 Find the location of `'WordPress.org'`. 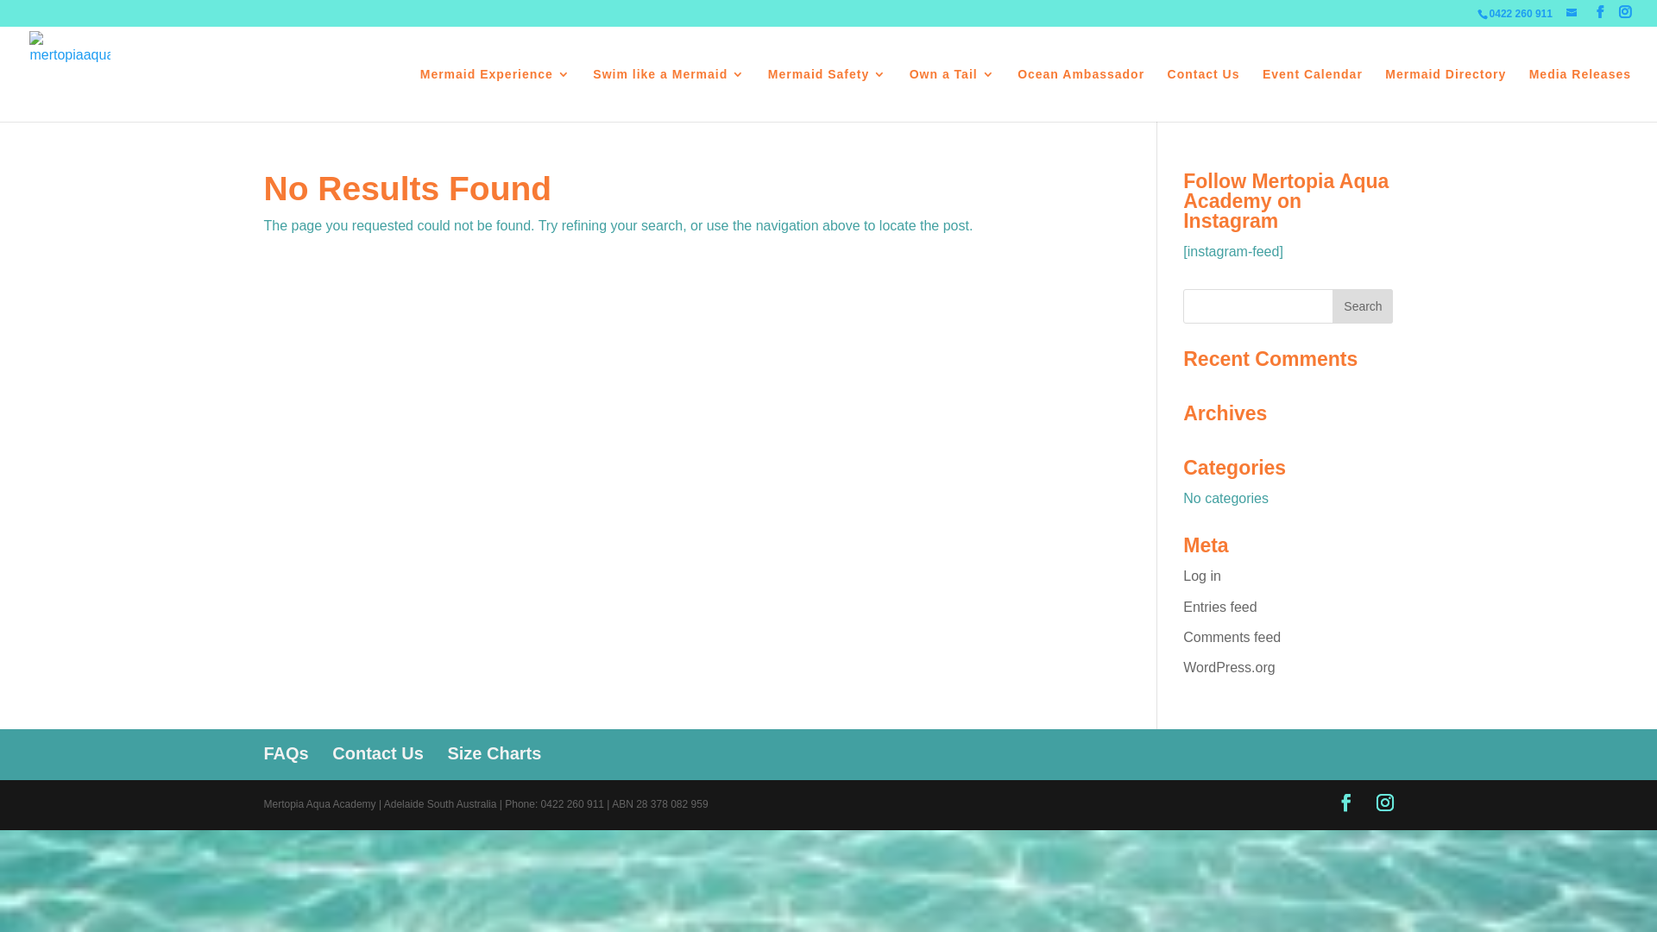

'WordPress.org' is located at coordinates (1228, 666).